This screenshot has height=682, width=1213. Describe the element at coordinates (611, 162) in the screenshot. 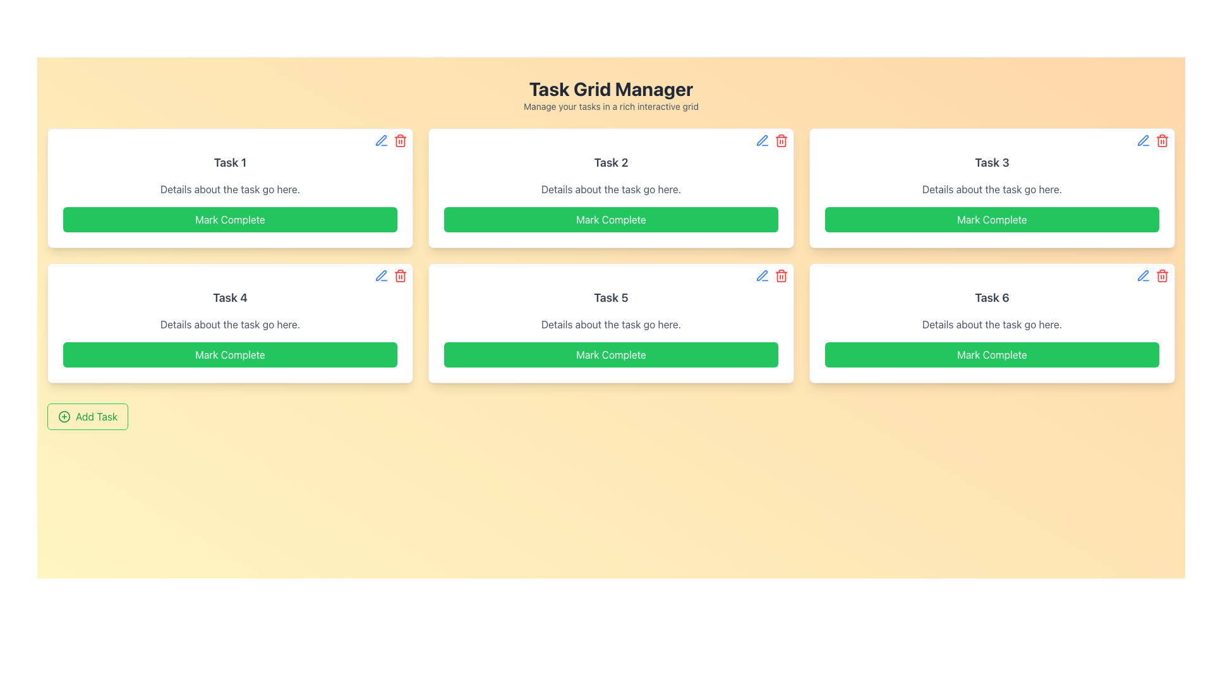

I see `the text label located at the center of the top row of the second task card, which describes the task represented by this card` at that location.